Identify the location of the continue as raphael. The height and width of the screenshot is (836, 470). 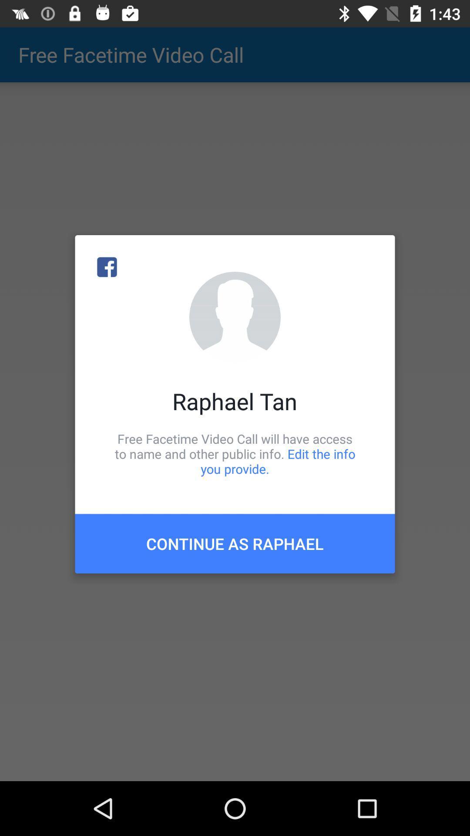
(235, 543).